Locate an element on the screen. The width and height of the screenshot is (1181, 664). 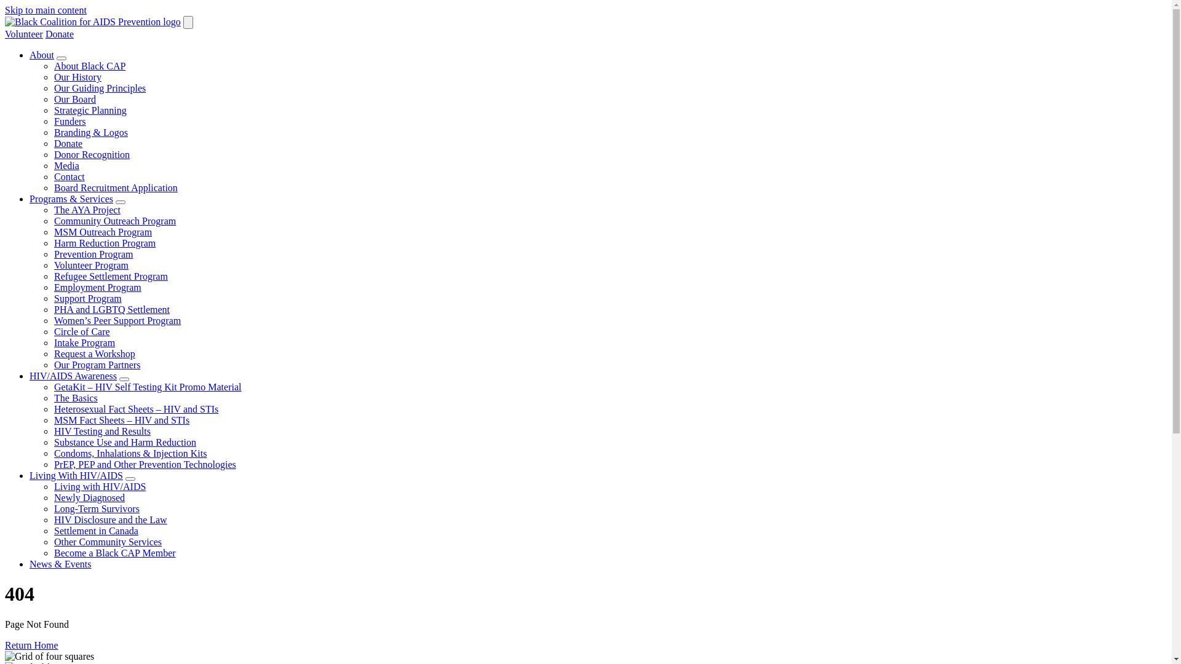
'Our History' is located at coordinates (77, 77).